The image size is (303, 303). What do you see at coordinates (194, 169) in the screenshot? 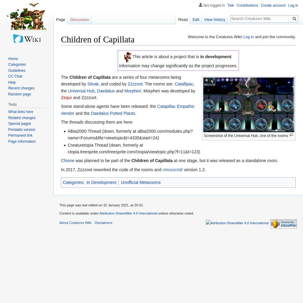
I see `'version 1.2.'` at bounding box center [194, 169].